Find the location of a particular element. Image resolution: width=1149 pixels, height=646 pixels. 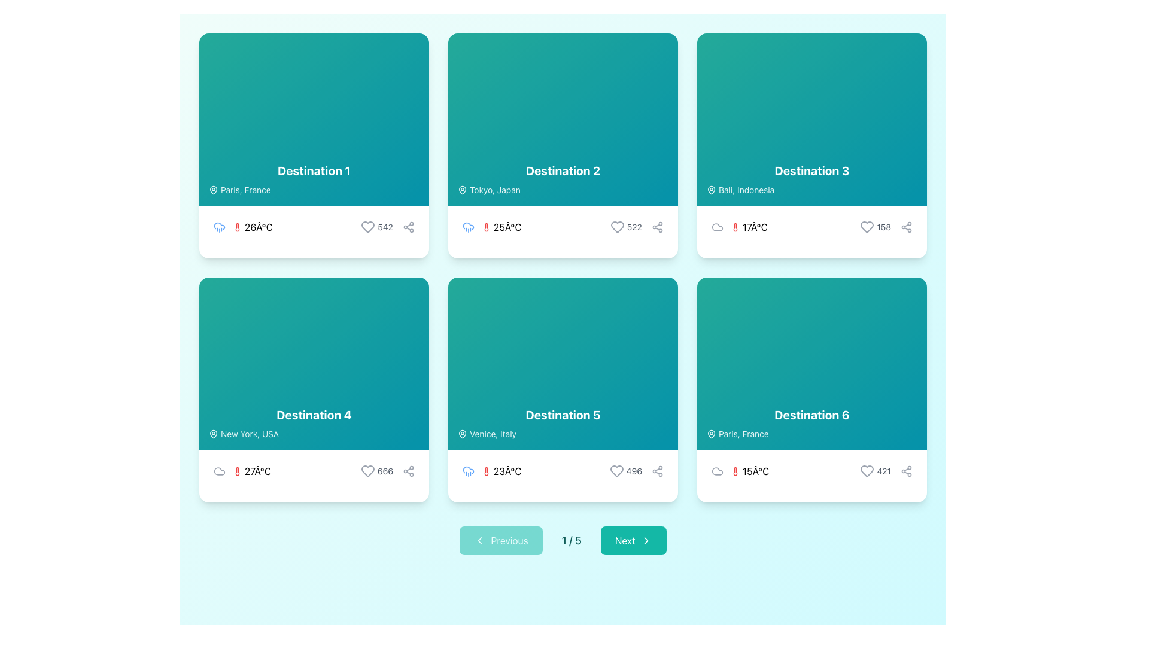

the text label displaying 'New York, USA', which is styled with a smaller font size and is positioned under the 'Destination 4' box is located at coordinates (249, 434).